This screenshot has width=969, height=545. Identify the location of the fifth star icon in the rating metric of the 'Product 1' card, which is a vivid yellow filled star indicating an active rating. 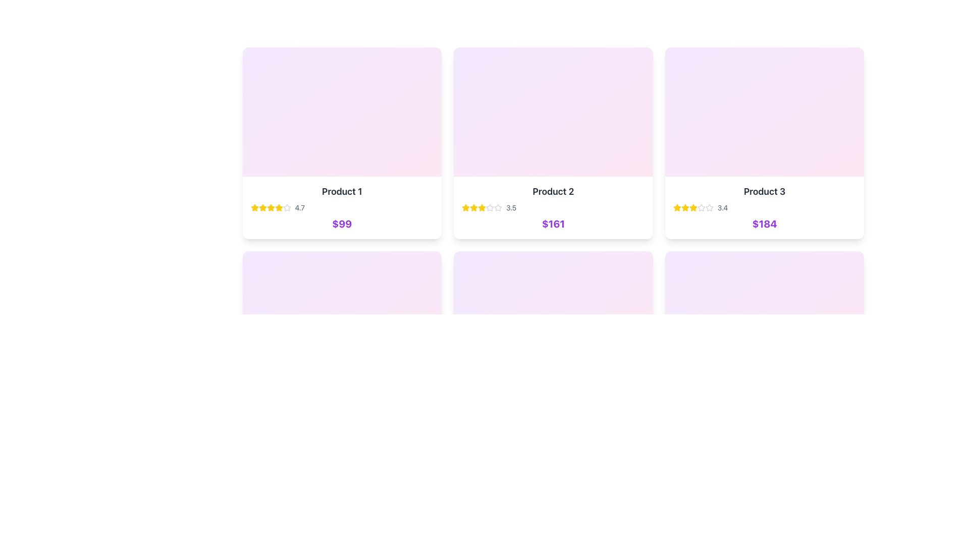
(271, 207).